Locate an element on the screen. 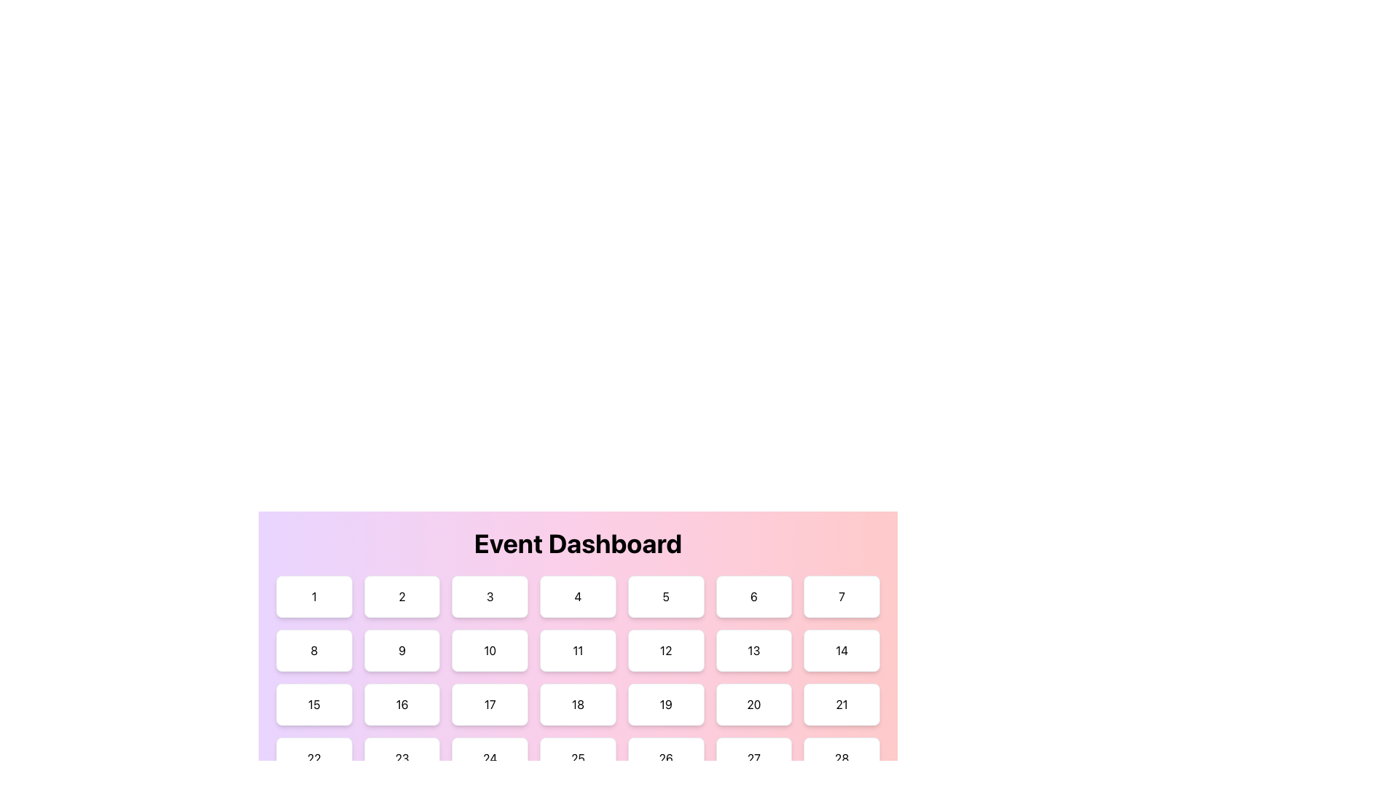 The image size is (1399, 787). the selectable option button for '4' is located at coordinates (577, 596).